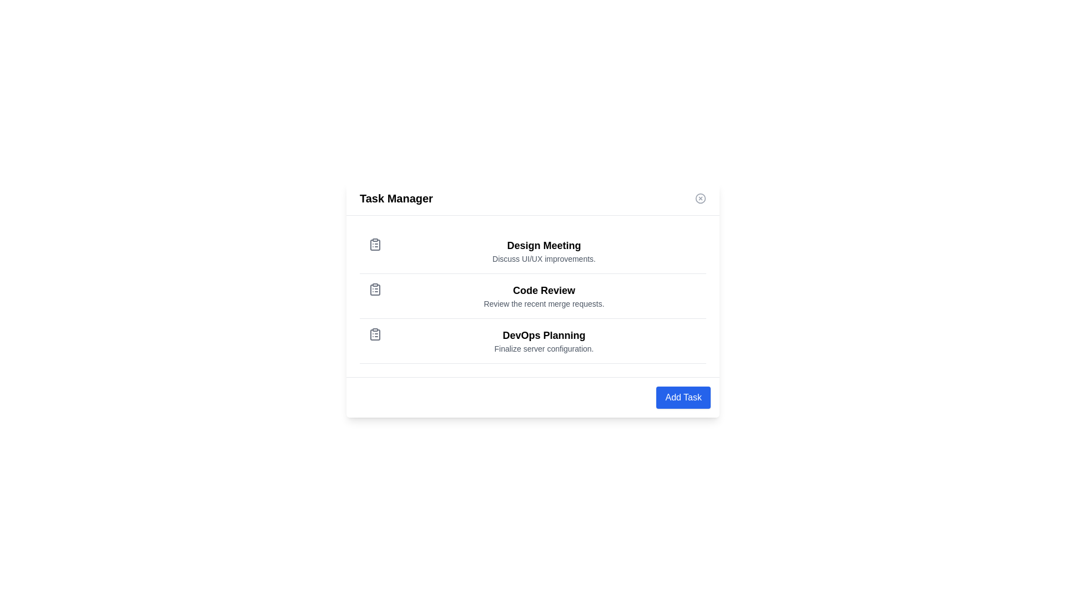 The width and height of the screenshot is (1066, 599). What do you see at coordinates (700, 197) in the screenshot?
I see `close button (X) in the top-right corner of the Task Manager dialog` at bounding box center [700, 197].